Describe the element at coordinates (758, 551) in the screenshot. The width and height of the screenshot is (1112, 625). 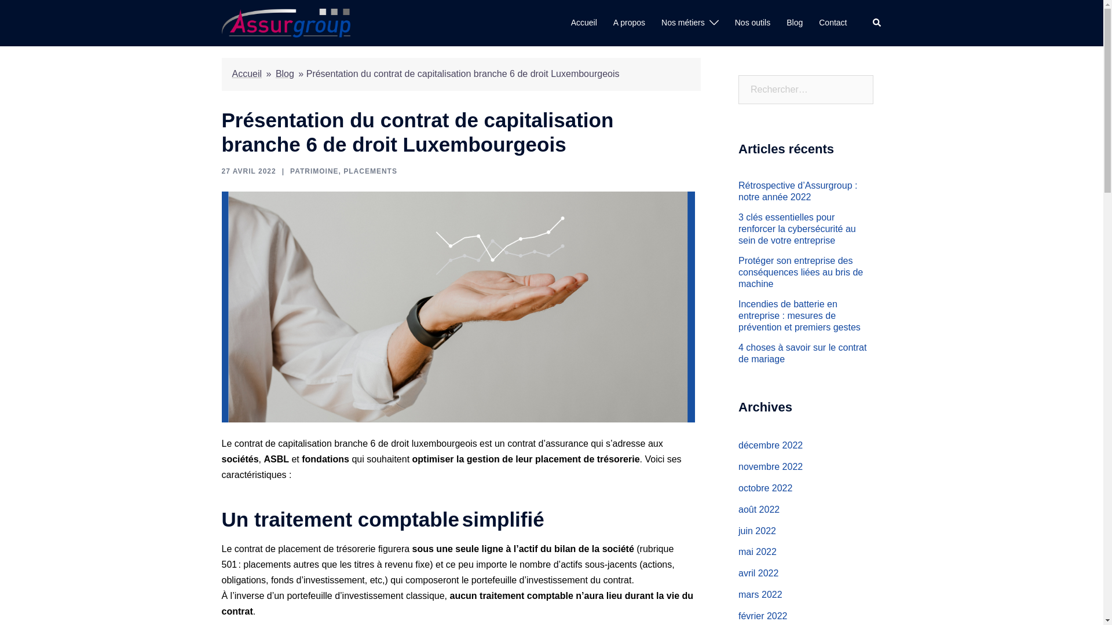
I see `'mai 2022'` at that location.